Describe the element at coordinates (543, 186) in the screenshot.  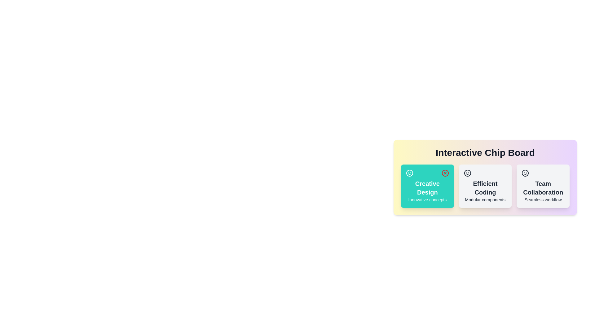
I see `the chip labeled 'Team Collaboration' to observe its hover effect` at that location.